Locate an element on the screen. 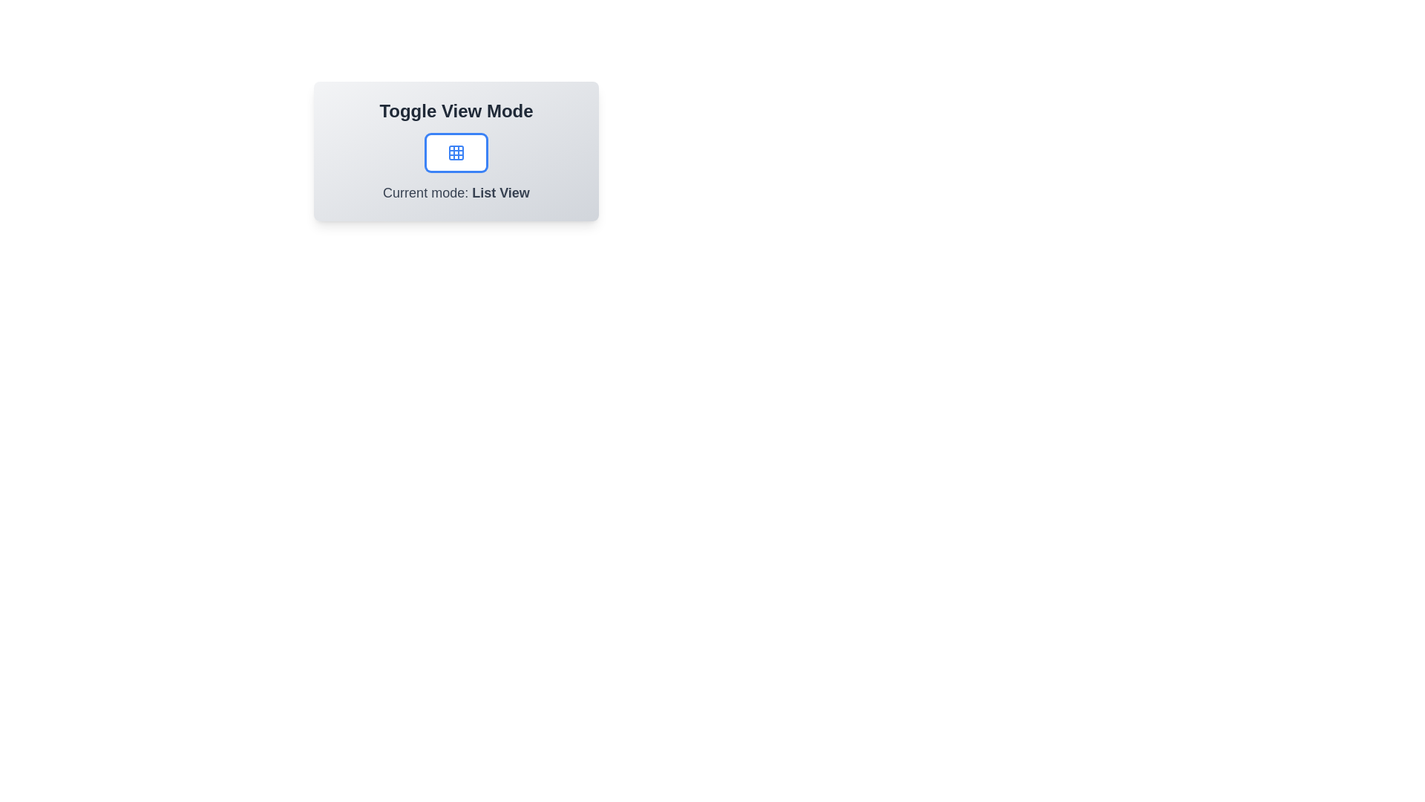 This screenshot has height=802, width=1425. the text of the element displaying the current view mode is located at coordinates (455, 192).